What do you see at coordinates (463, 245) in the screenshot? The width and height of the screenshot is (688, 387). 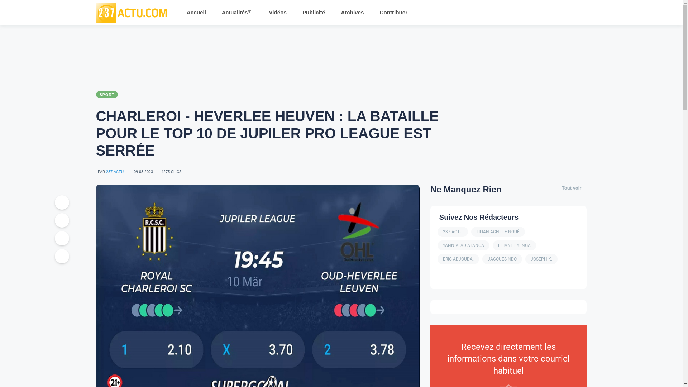 I see `'YANN VLAD ATANGA'` at bounding box center [463, 245].